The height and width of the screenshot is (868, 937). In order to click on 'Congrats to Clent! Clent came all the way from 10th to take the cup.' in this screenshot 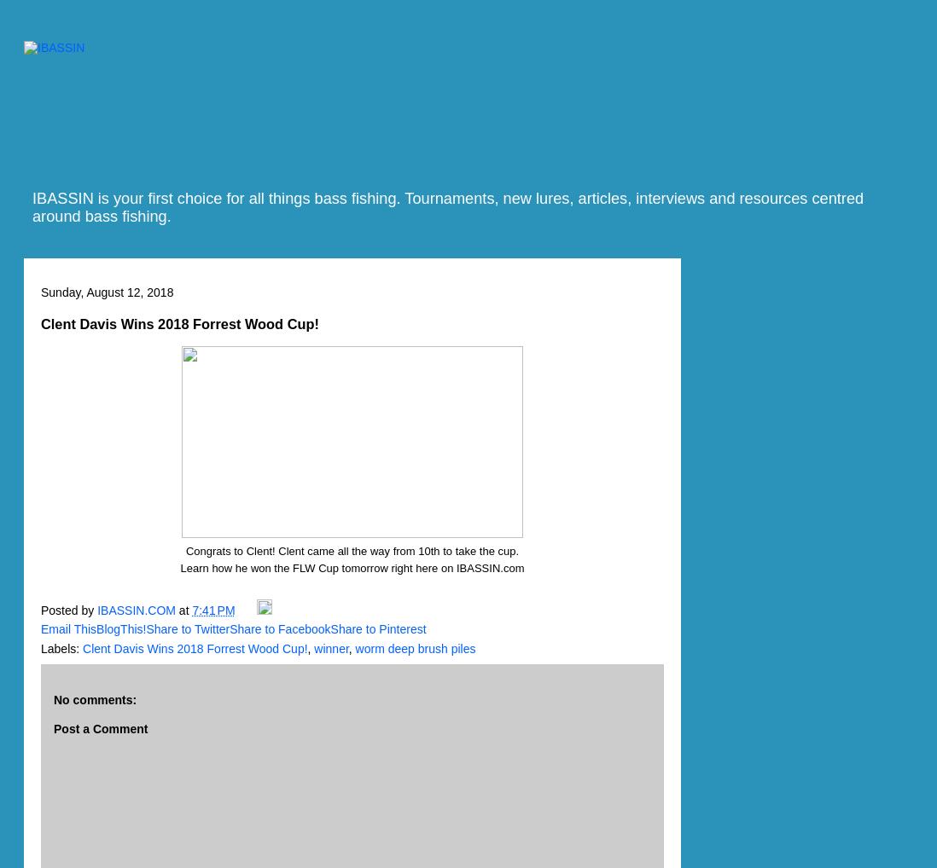, I will do `click(351, 549)`.